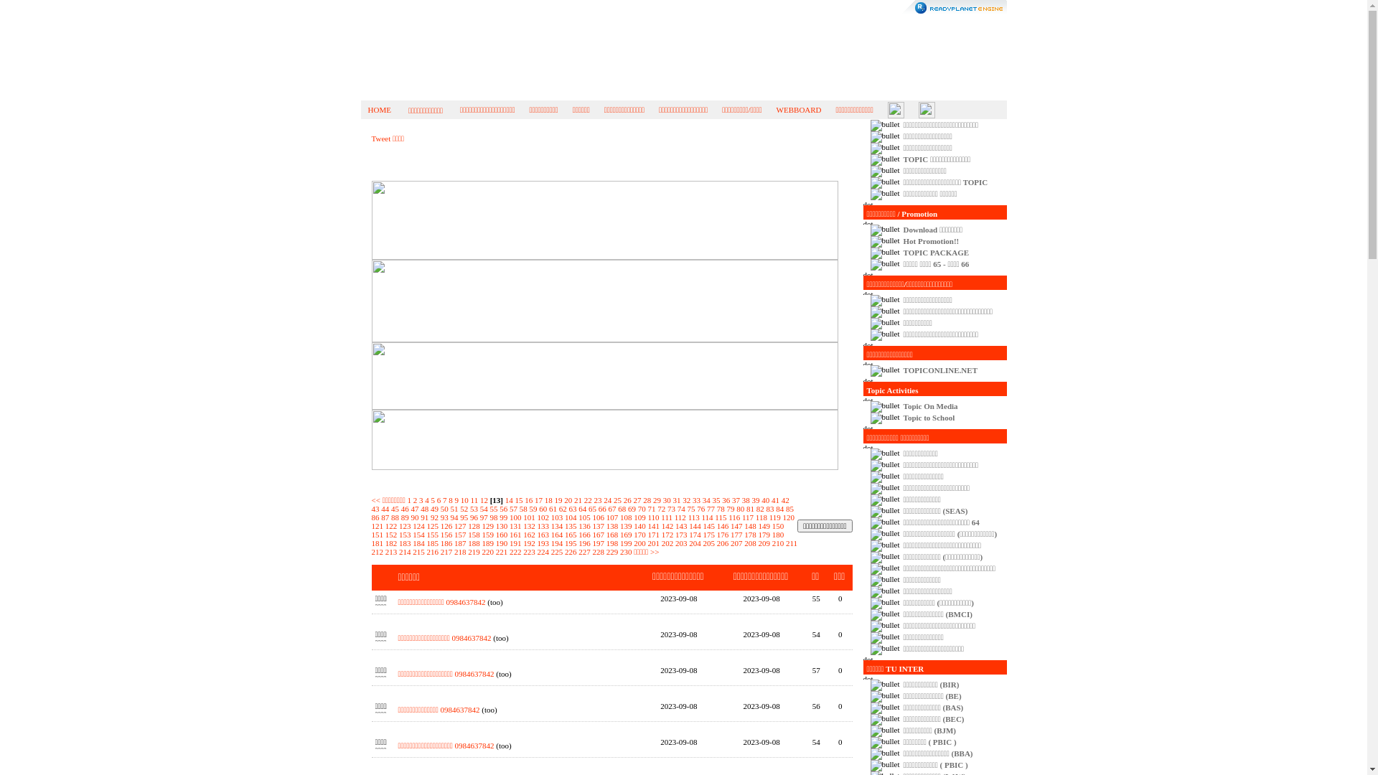 The height and width of the screenshot is (775, 1378). What do you see at coordinates (556, 542) in the screenshot?
I see `'194'` at bounding box center [556, 542].